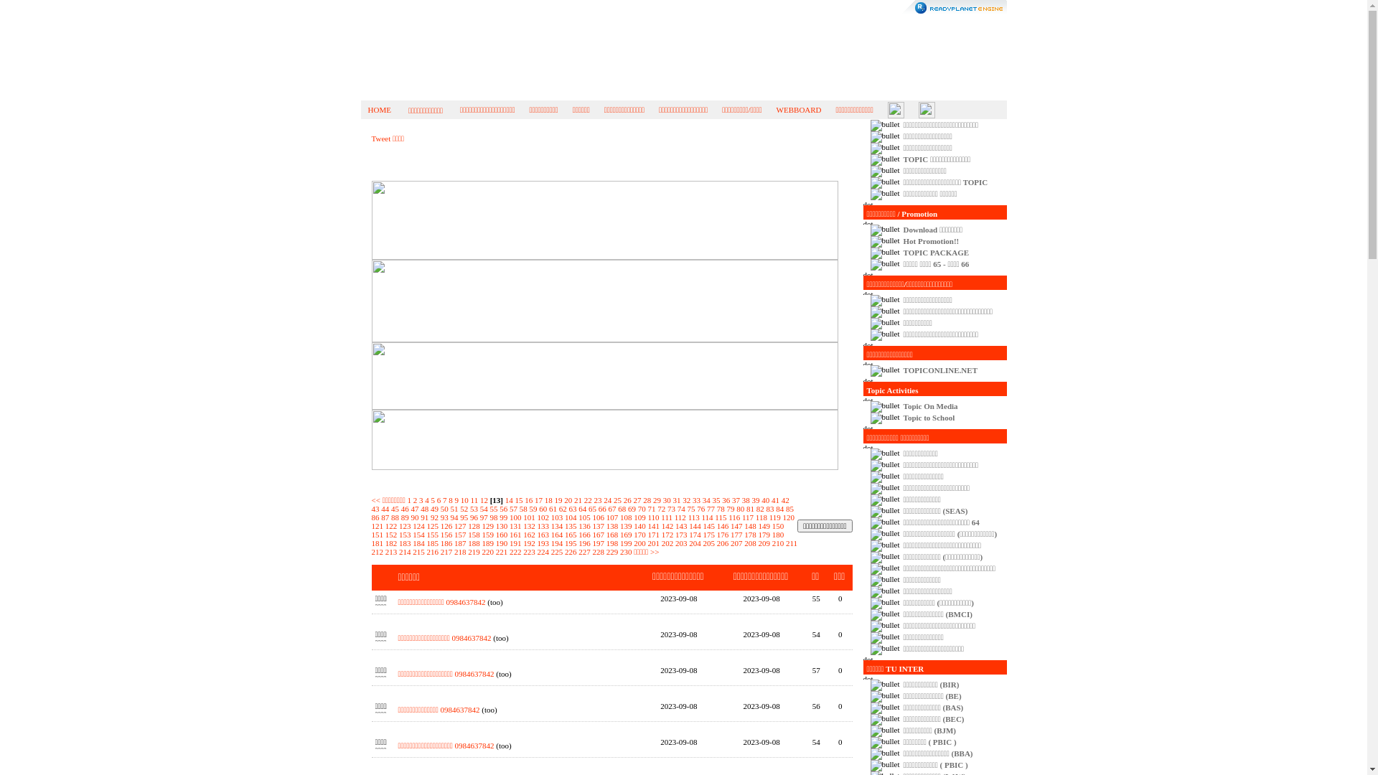 The height and width of the screenshot is (775, 1378). What do you see at coordinates (556, 542) in the screenshot?
I see `'194'` at bounding box center [556, 542].